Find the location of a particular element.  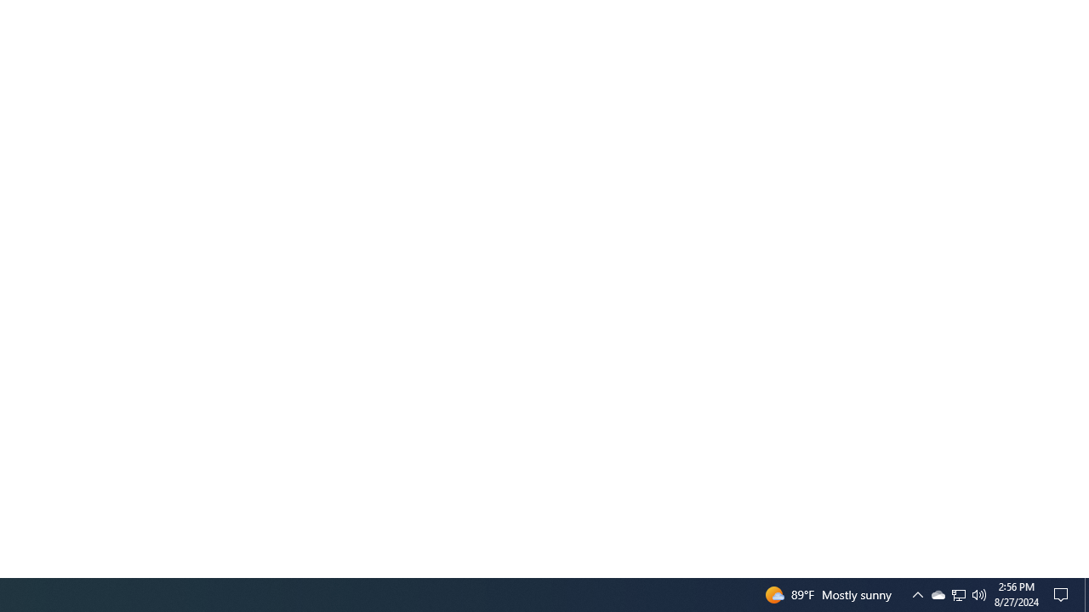

'Q2790: 100%' is located at coordinates (937, 593).